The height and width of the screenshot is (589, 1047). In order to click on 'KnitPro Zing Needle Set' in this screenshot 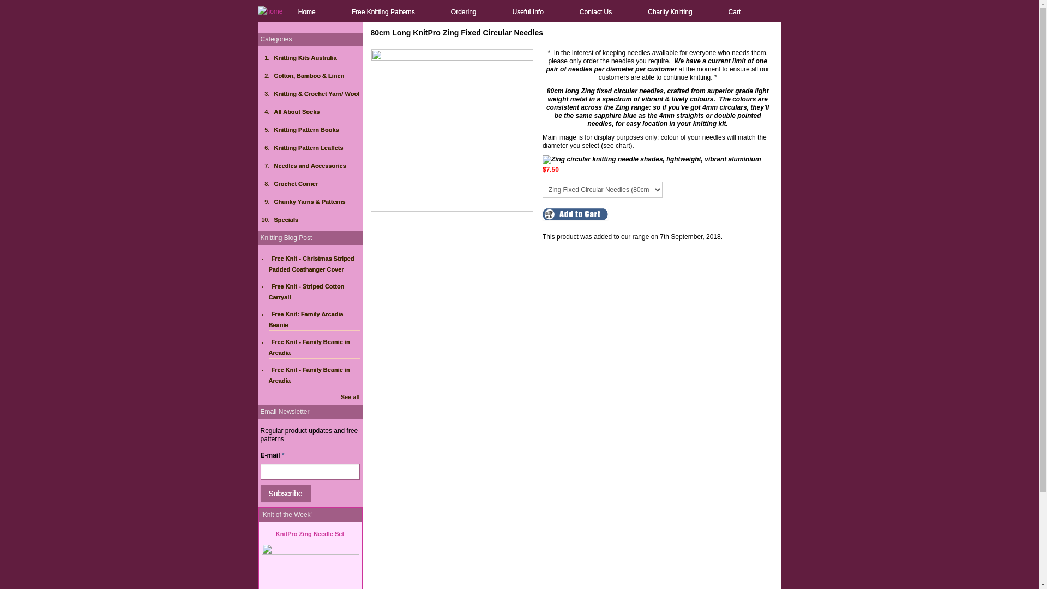, I will do `click(309, 533)`.